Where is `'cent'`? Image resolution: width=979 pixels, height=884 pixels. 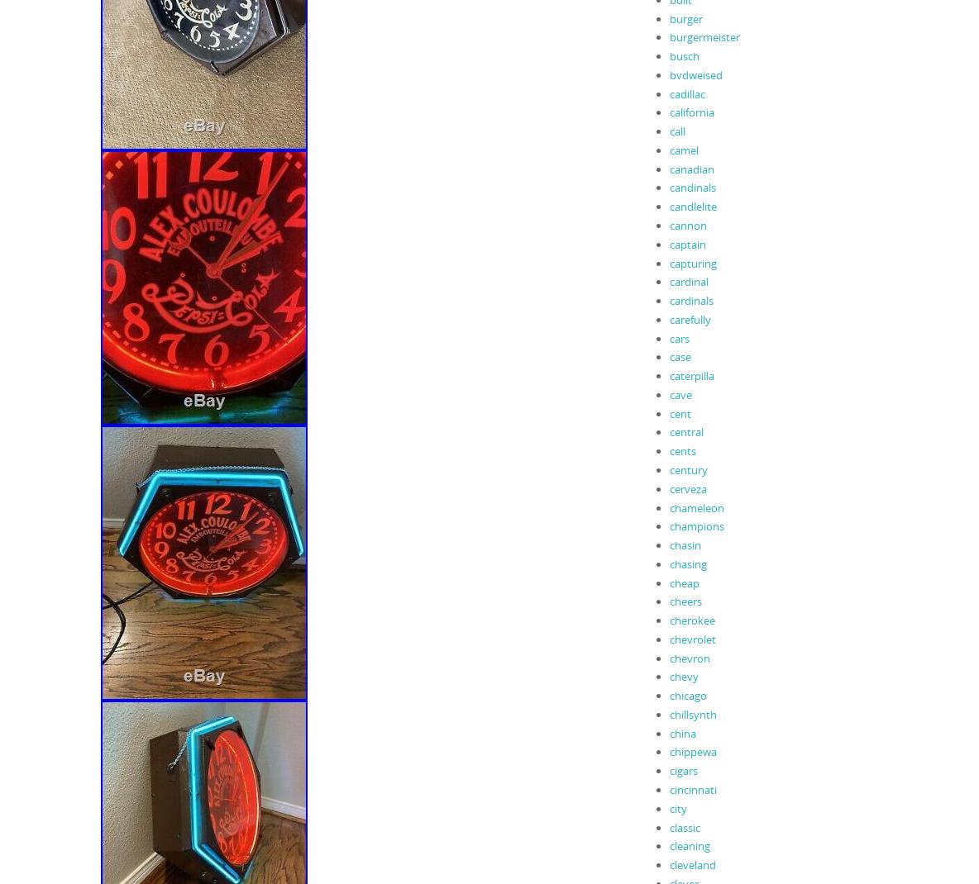
'cent' is located at coordinates (680, 413).